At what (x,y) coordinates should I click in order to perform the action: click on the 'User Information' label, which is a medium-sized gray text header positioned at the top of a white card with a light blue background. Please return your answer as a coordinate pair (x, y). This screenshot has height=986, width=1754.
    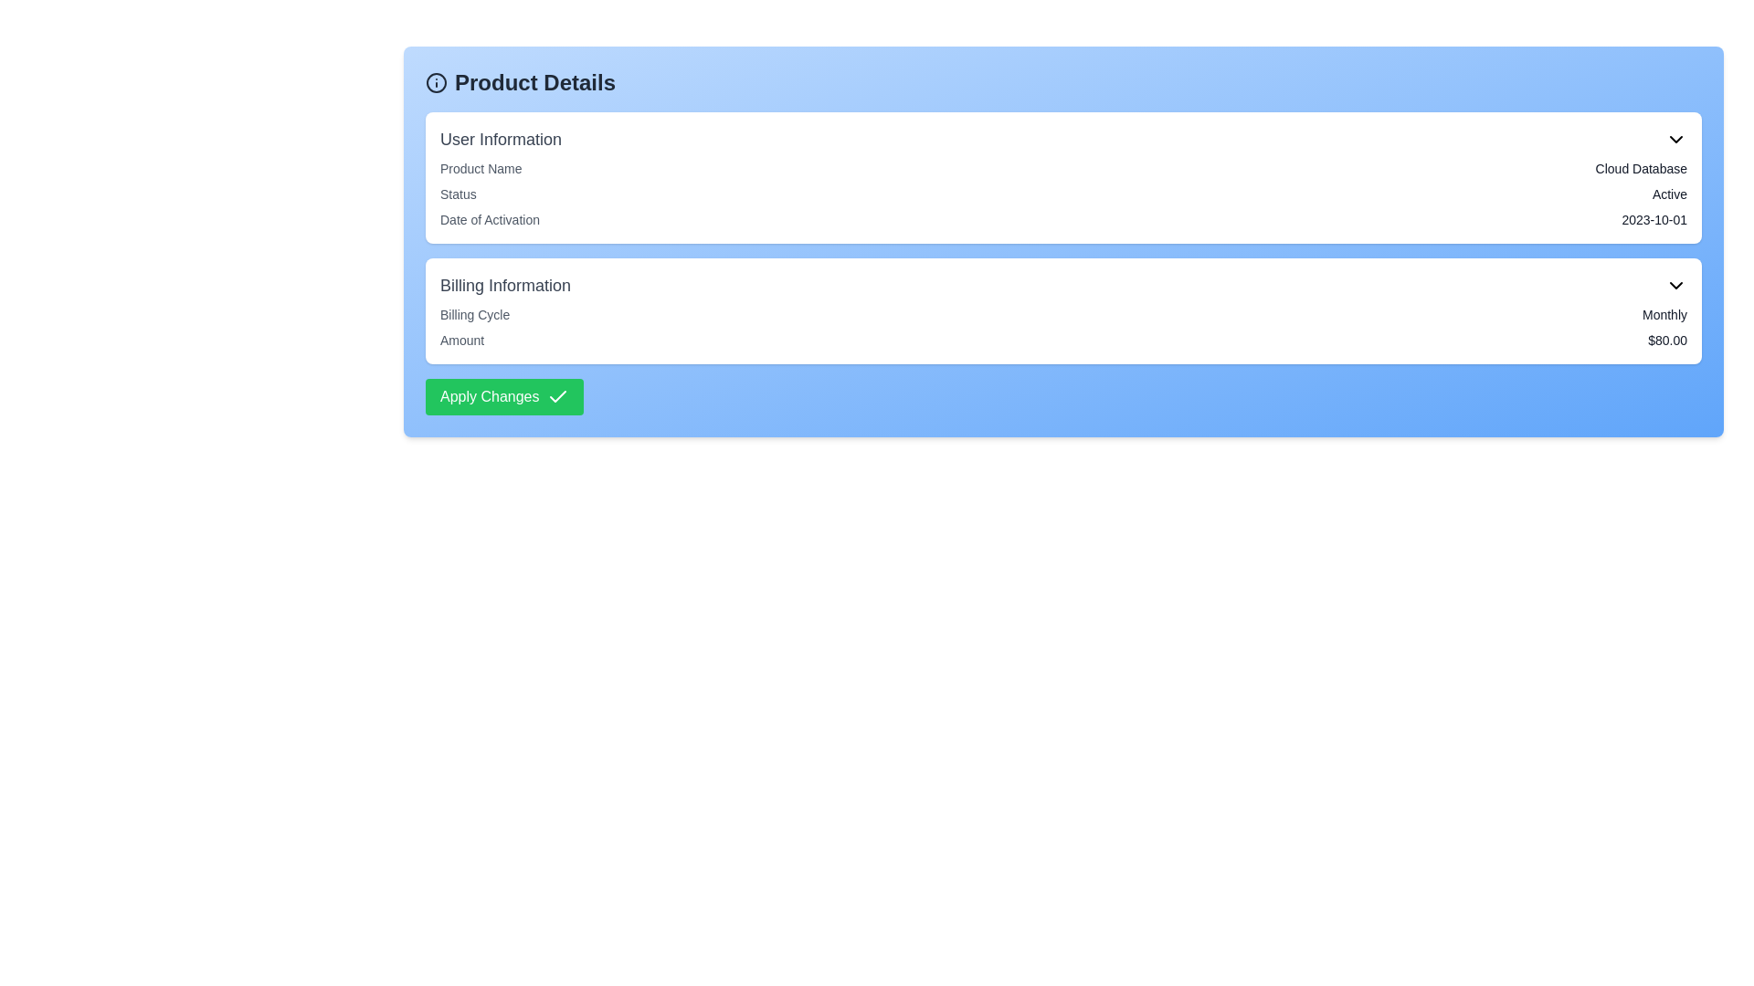
    Looking at the image, I should click on (501, 139).